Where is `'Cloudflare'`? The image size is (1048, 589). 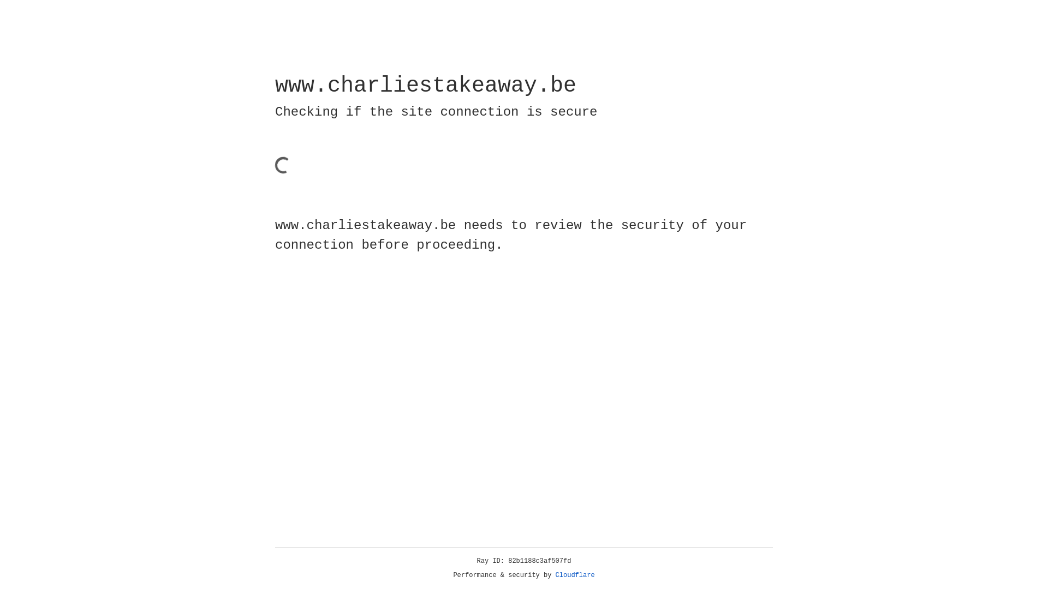
'Cloudflare' is located at coordinates (555, 575).